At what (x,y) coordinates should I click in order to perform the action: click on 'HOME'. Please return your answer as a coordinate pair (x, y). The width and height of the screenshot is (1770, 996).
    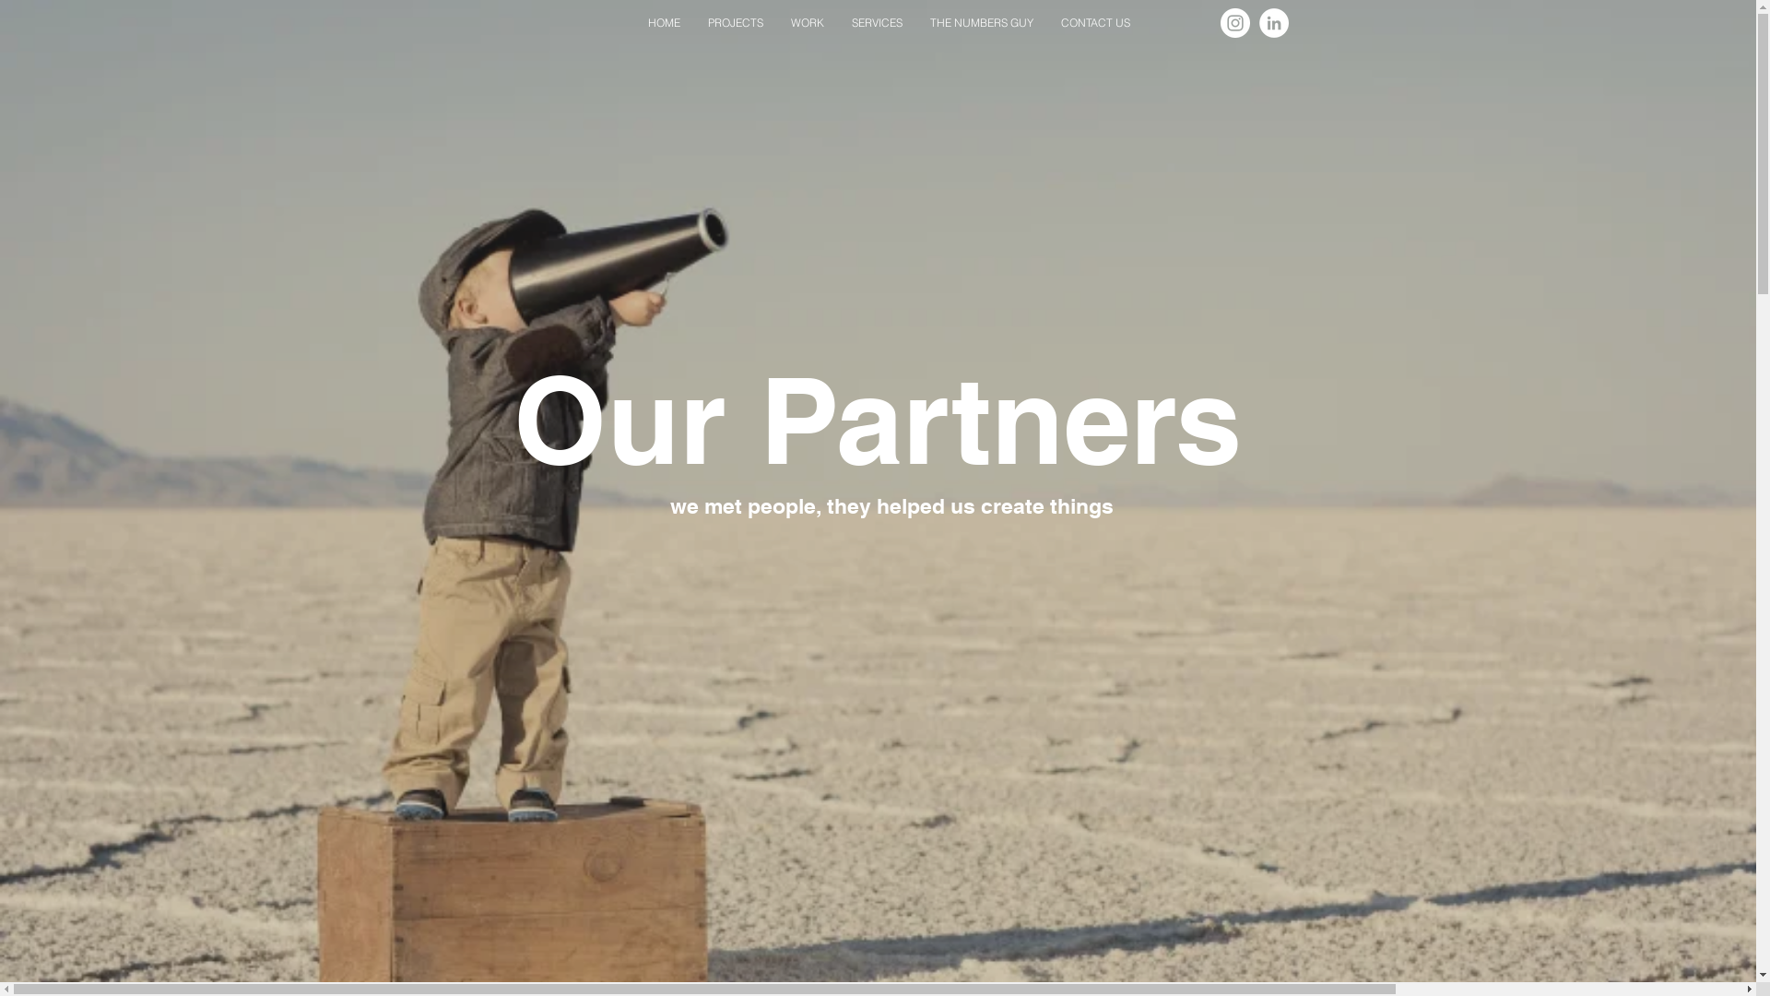
    Looking at the image, I should click on (664, 22).